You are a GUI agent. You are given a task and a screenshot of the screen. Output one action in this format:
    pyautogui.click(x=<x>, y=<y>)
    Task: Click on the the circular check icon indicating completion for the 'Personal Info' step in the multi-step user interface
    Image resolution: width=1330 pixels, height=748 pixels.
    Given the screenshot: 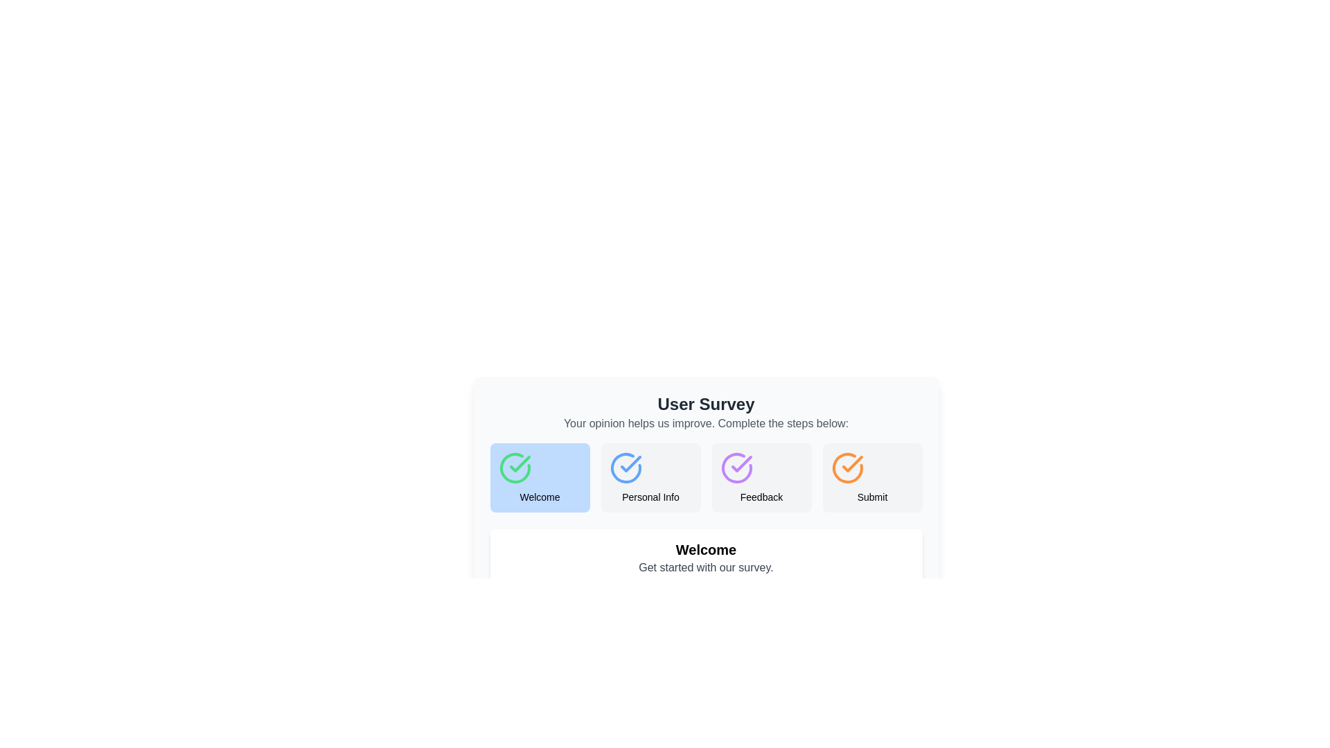 What is the action you would take?
    pyautogui.click(x=625, y=467)
    